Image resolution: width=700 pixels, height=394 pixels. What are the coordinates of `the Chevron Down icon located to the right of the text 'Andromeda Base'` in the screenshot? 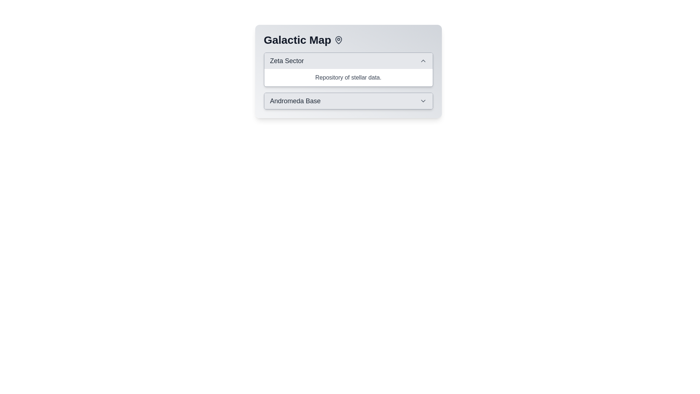 It's located at (423, 101).